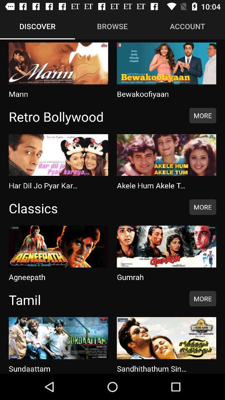  Describe the element at coordinates (94, 207) in the screenshot. I see `icon to the left of more` at that location.